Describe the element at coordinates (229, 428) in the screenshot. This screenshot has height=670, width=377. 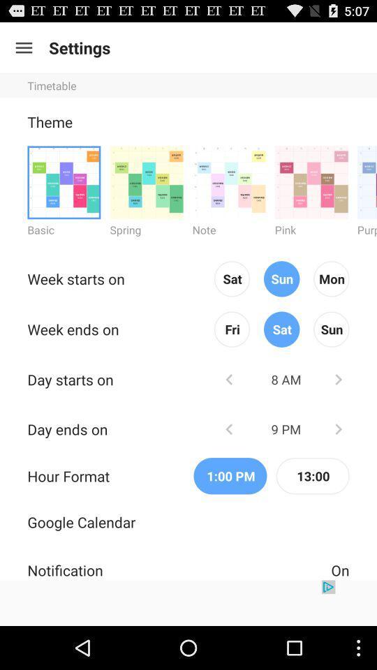
I see `change selection to previous` at that location.